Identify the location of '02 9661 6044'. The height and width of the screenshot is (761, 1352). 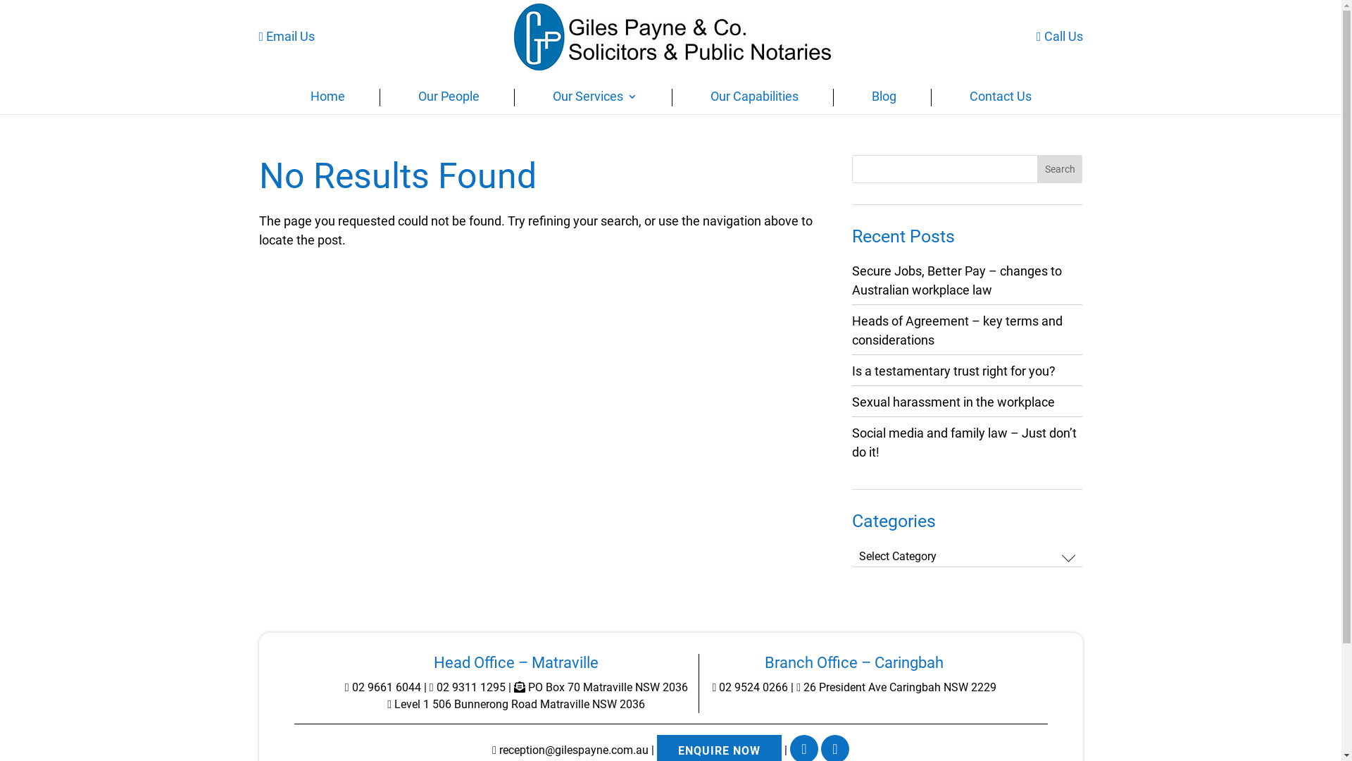
(382, 686).